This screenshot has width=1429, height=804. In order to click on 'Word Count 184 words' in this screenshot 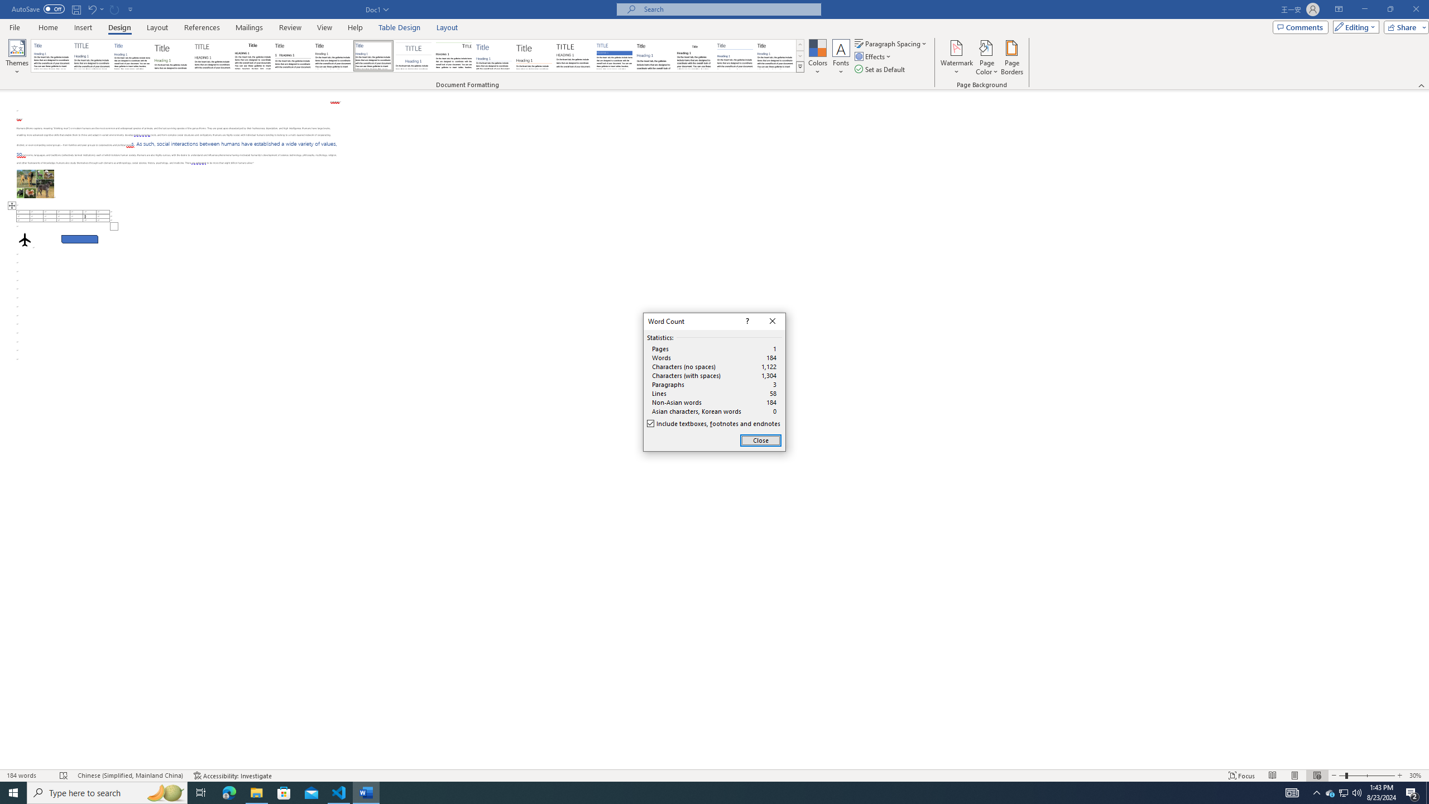, I will do `click(28, 776)`.